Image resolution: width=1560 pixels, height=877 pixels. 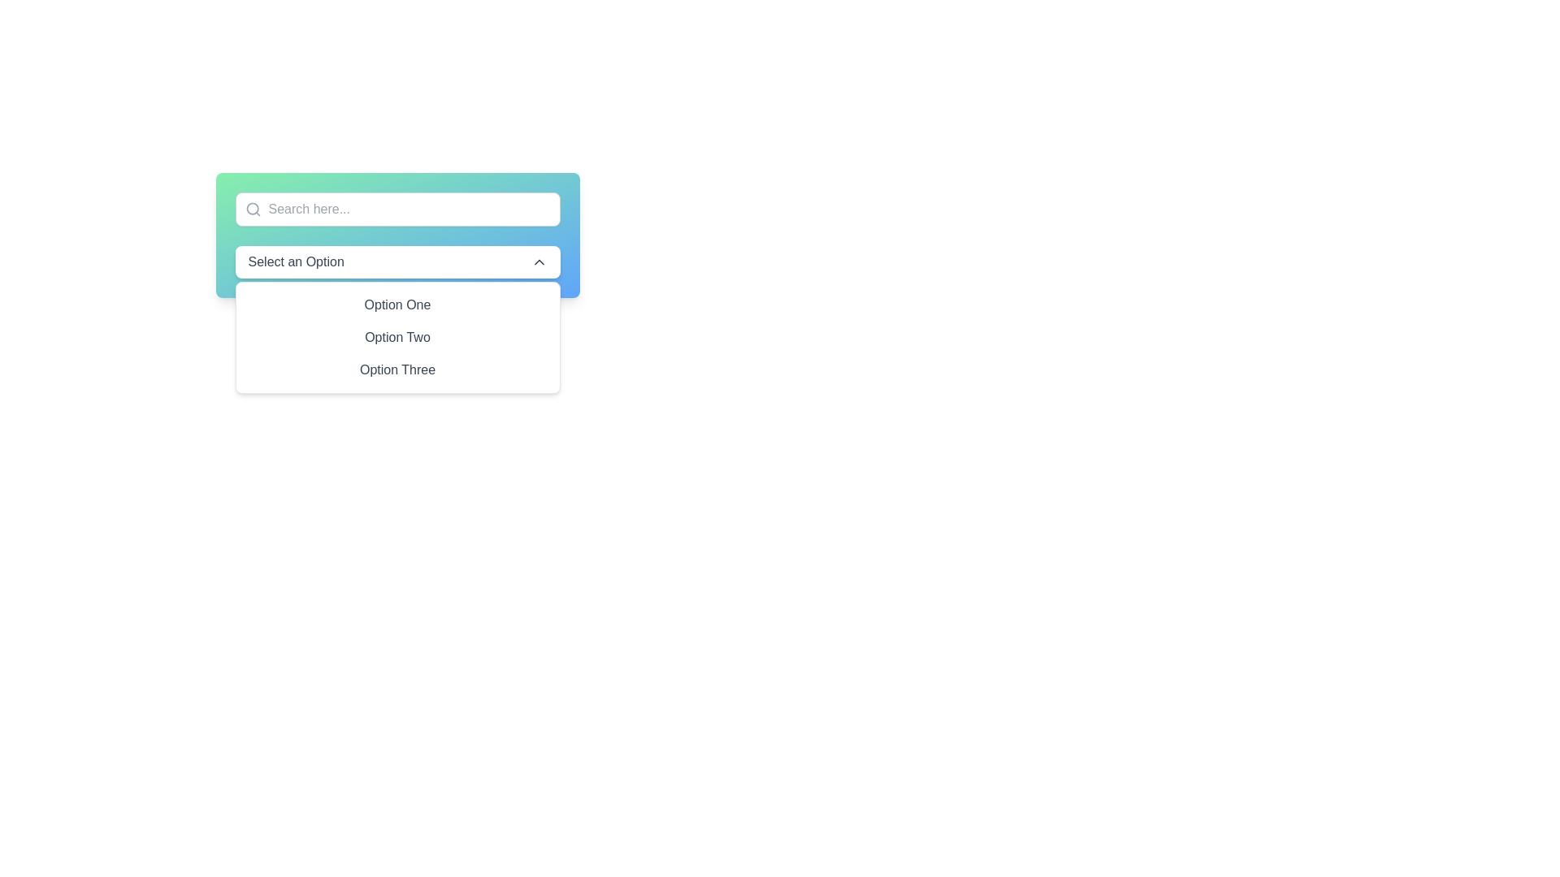 I want to click on the dropdown menu labeled 'Select an Option', so click(x=397, y=261).